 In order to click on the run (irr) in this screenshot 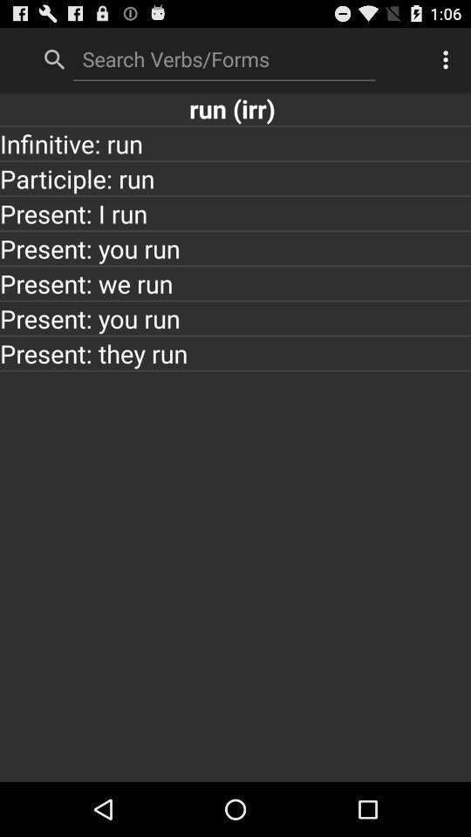, I will do `click(235, 107)`.